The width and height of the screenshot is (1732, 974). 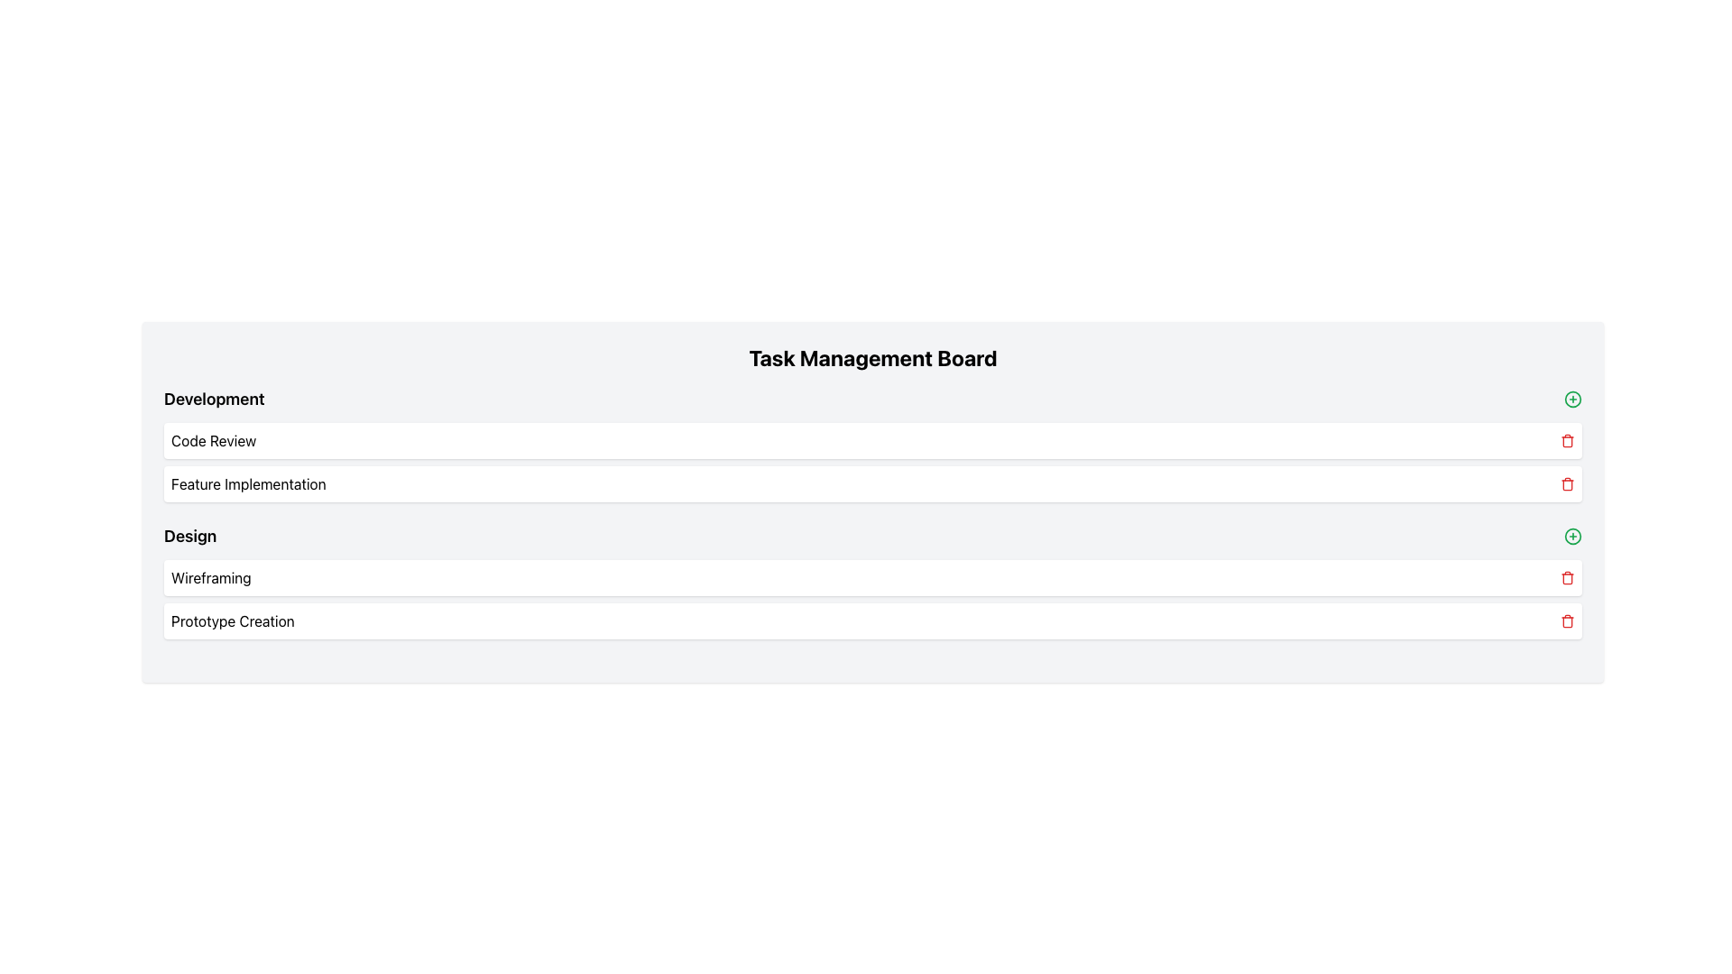 I want to click on the 'Feature Implementation' task list item in the Development section of the task board, so click(x=873, y=482).